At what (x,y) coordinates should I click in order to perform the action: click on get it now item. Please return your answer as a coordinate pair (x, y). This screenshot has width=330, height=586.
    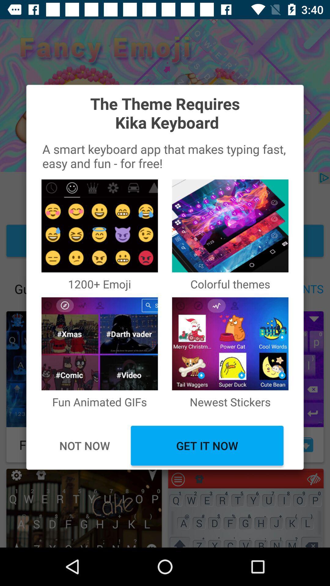
    Looking at the image, I should click on (207, 446).